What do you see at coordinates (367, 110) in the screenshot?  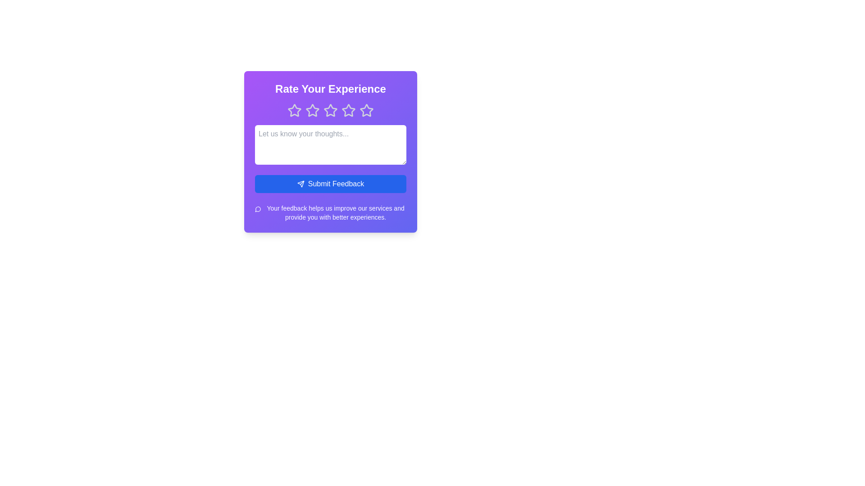 I see `the fifth star icon to rate the experience on the five-star scale below the 'Rate Your Experience' header in the purple feedback form card` at bounding box center [367, 110].